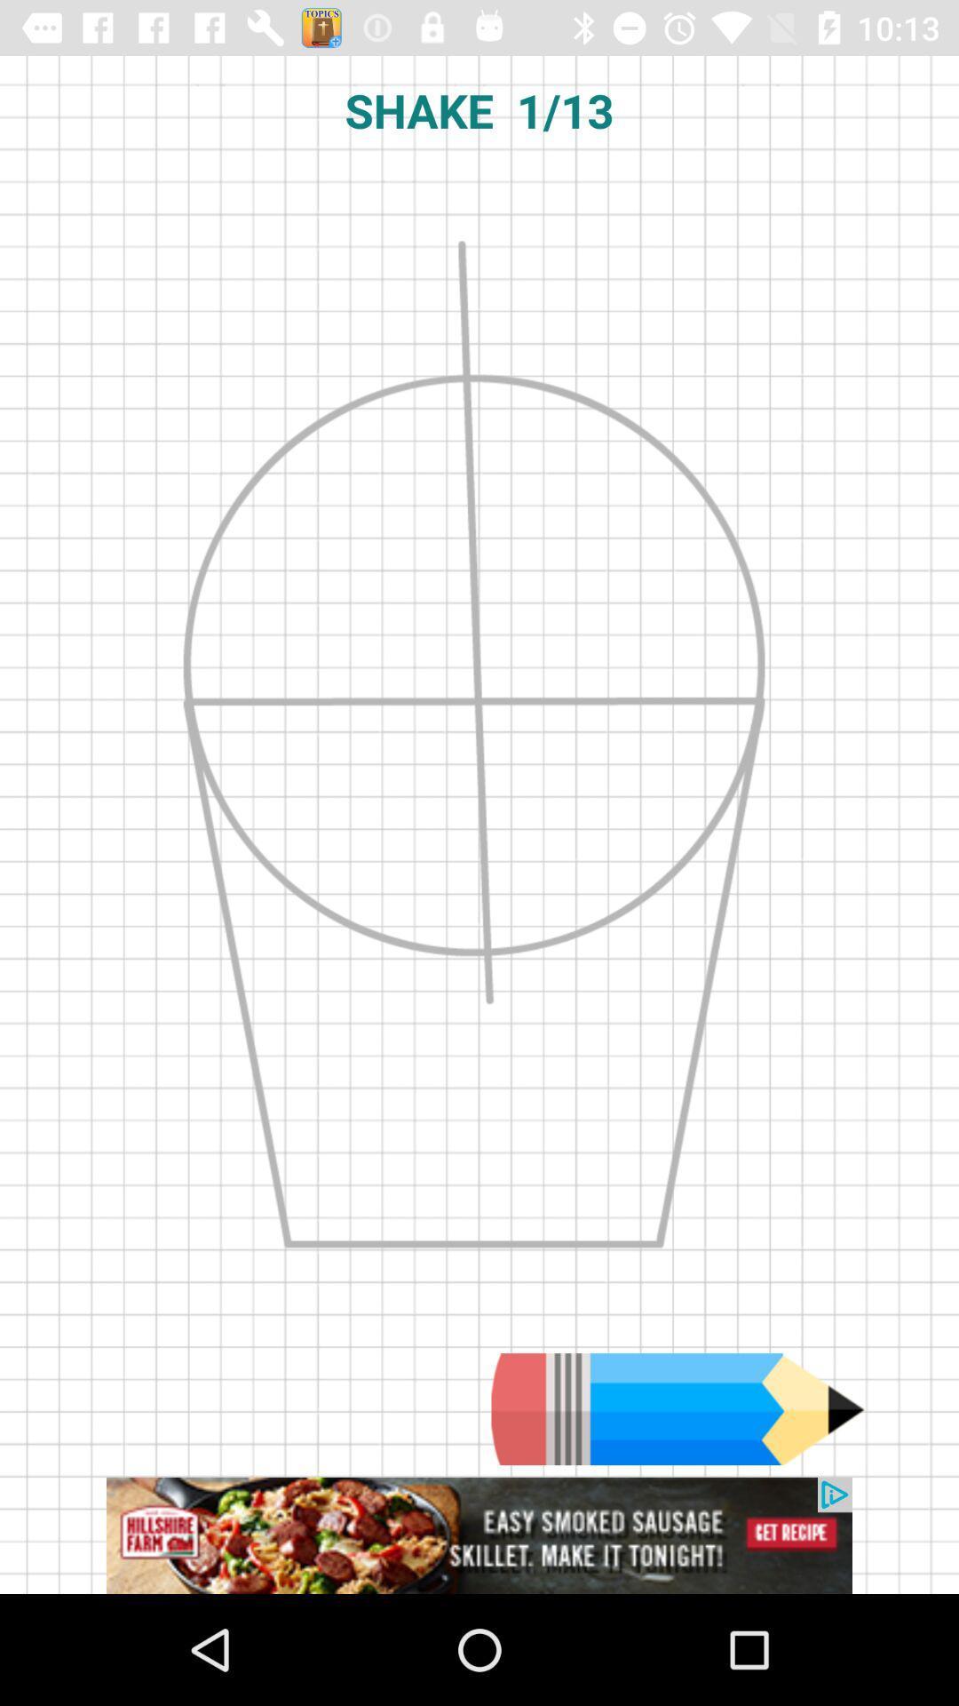 The image size is (959, 1706). What do you see at coordinates (678, 1408) in the screenshot?
I see `to draw` at bounding box center [678, 1408].